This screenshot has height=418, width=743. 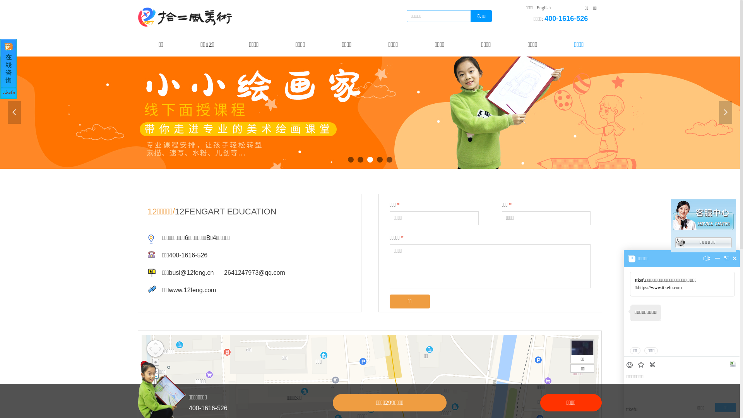 What do you see at coordinates (659, 288) in the screenshot?
I see `'https://www.ttkefu.com'` at bounding box center [659, 288].